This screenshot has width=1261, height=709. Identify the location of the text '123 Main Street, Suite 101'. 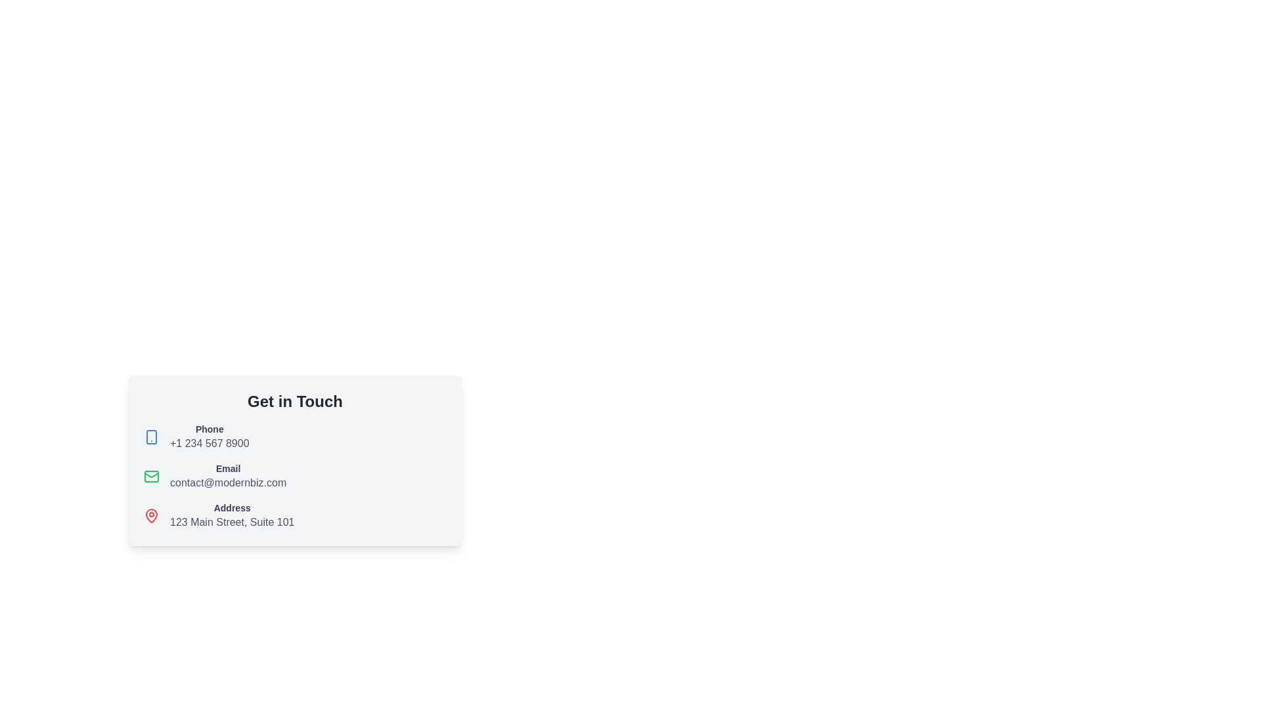
(232, 521).